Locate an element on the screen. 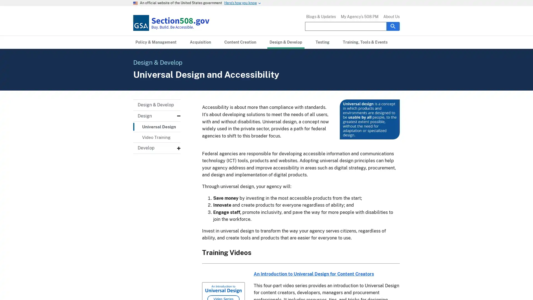 This screenshot has height=300, width=533. Here's how you know is located at coordinates (240, 3).